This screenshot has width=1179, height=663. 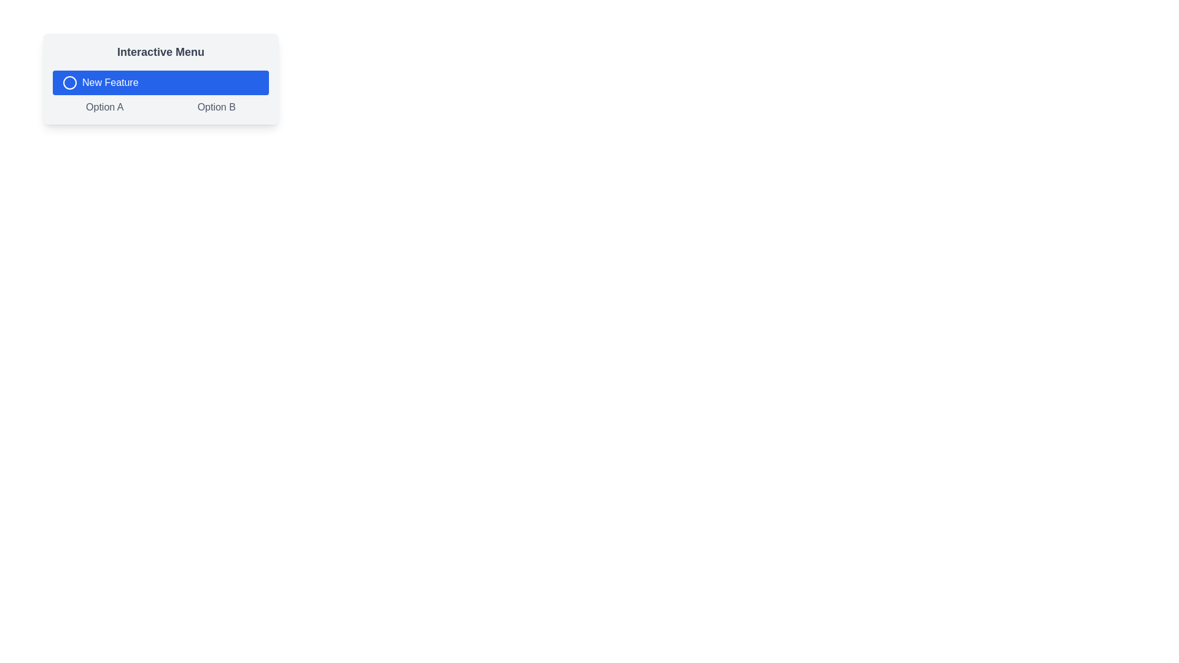 What do you see at coordinates (160, 106) in the screenshot?
I see `the 'Option A' button located in the button group below the 'New Feature' button, which is horizontally aligned with 'Option B'` at bounding box center [160, 106].